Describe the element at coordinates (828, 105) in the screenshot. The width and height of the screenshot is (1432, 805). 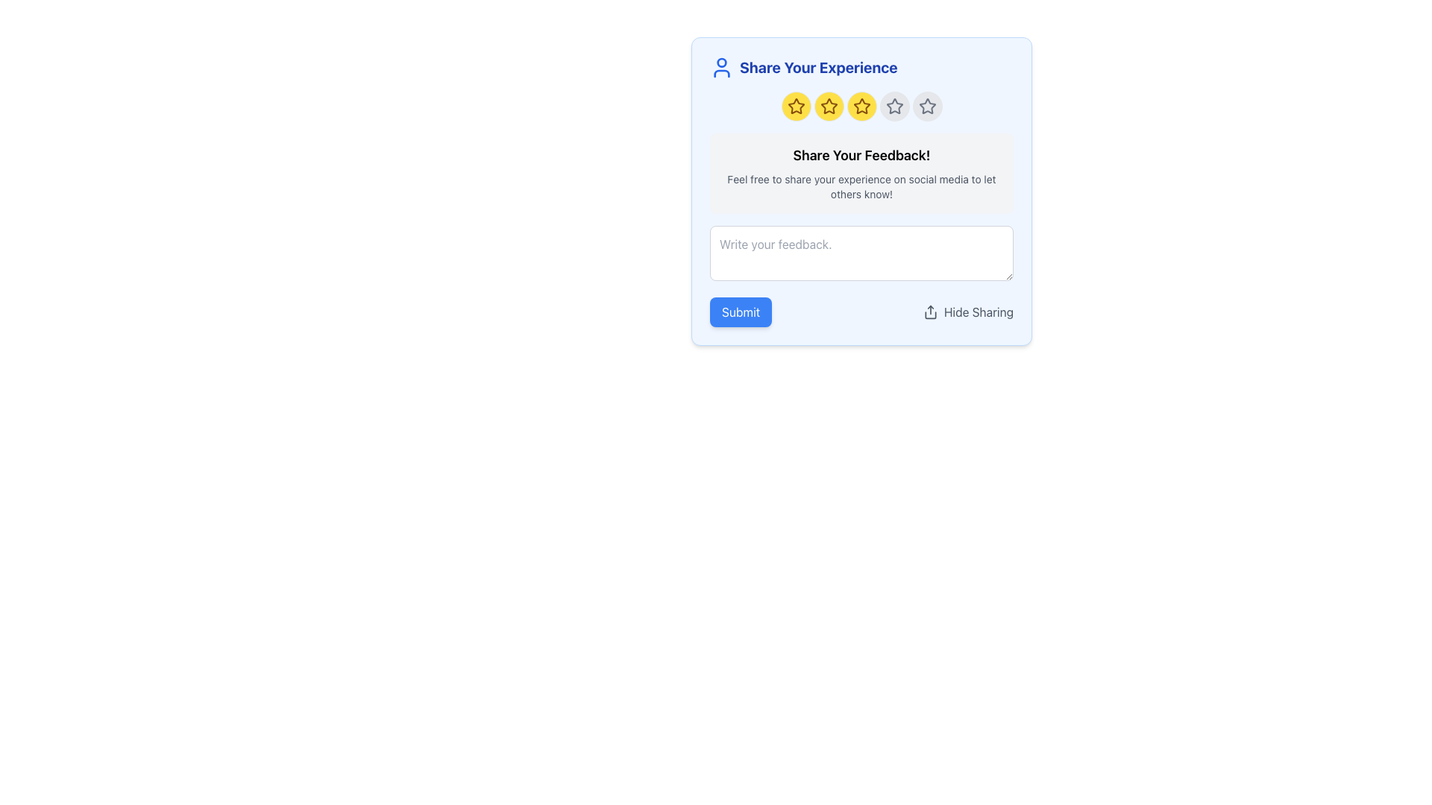
I see `the second star-shaped icon outlined in yellow with a brown border, located inside a circular yellow background in the 'Share Your Experience' section` at that location.